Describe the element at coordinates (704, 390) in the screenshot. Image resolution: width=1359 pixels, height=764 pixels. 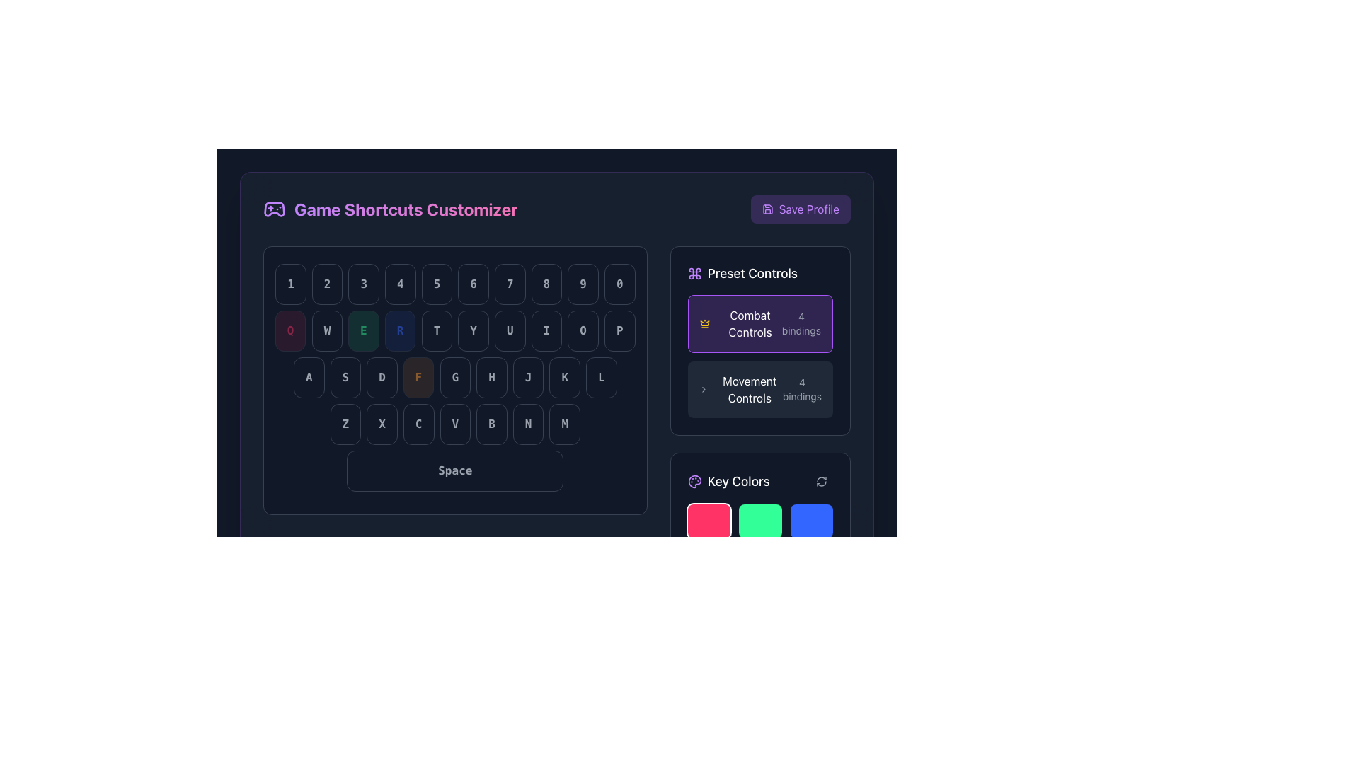
I see `the navigation arrow icon located in the right-side panel under 'Preset Controls', immediately left of the 'Movement Controls' text` at that location.